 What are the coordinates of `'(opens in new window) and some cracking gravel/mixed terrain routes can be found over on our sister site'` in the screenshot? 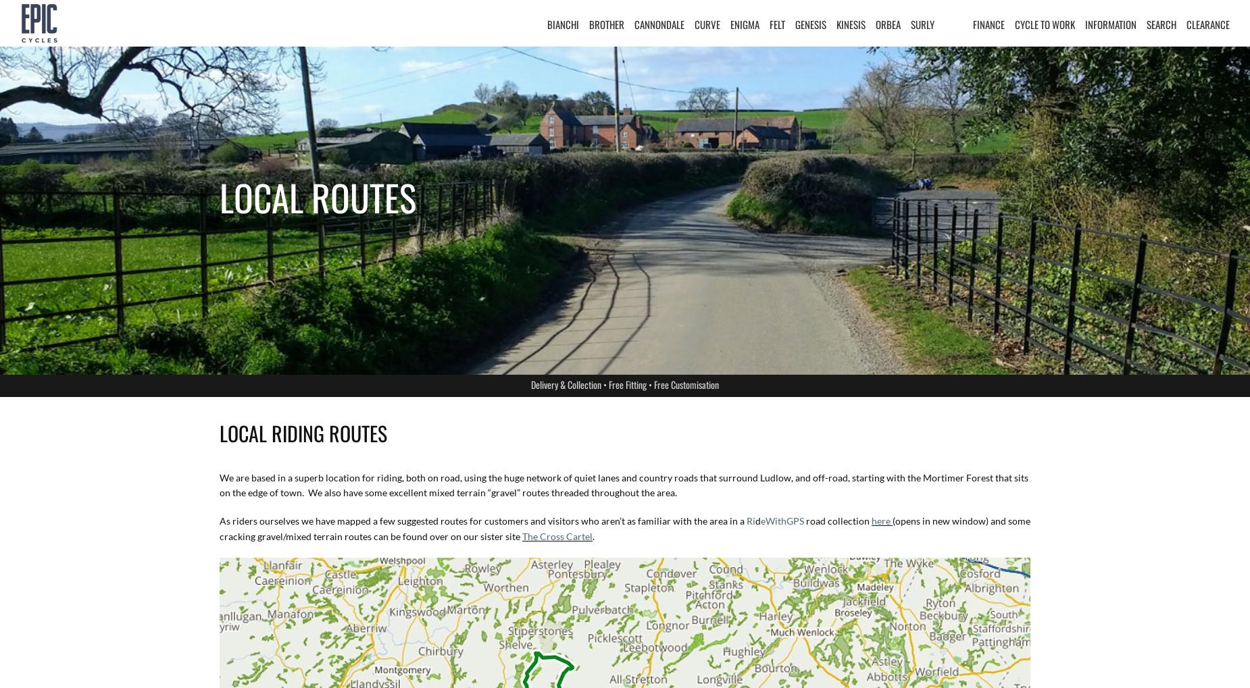 It's located at (219, 527).